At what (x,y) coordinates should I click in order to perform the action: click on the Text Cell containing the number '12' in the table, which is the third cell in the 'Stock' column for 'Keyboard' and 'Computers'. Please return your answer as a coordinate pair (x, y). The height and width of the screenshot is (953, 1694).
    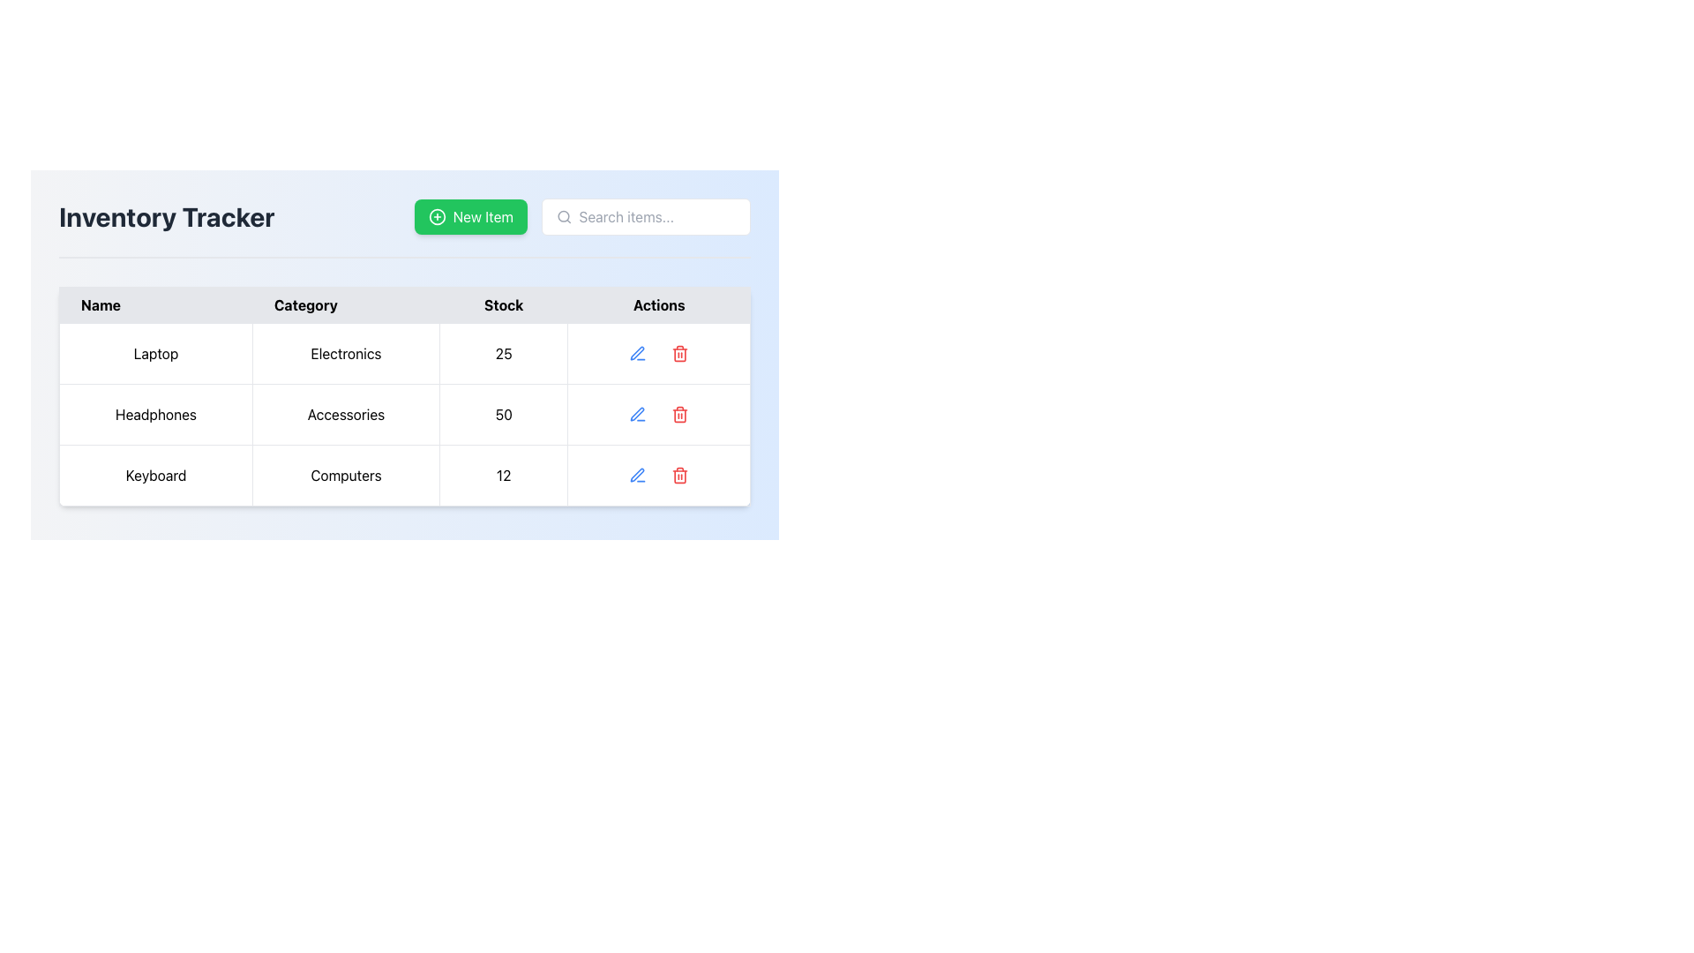
    Looking at the image, I should click on (503, 475).